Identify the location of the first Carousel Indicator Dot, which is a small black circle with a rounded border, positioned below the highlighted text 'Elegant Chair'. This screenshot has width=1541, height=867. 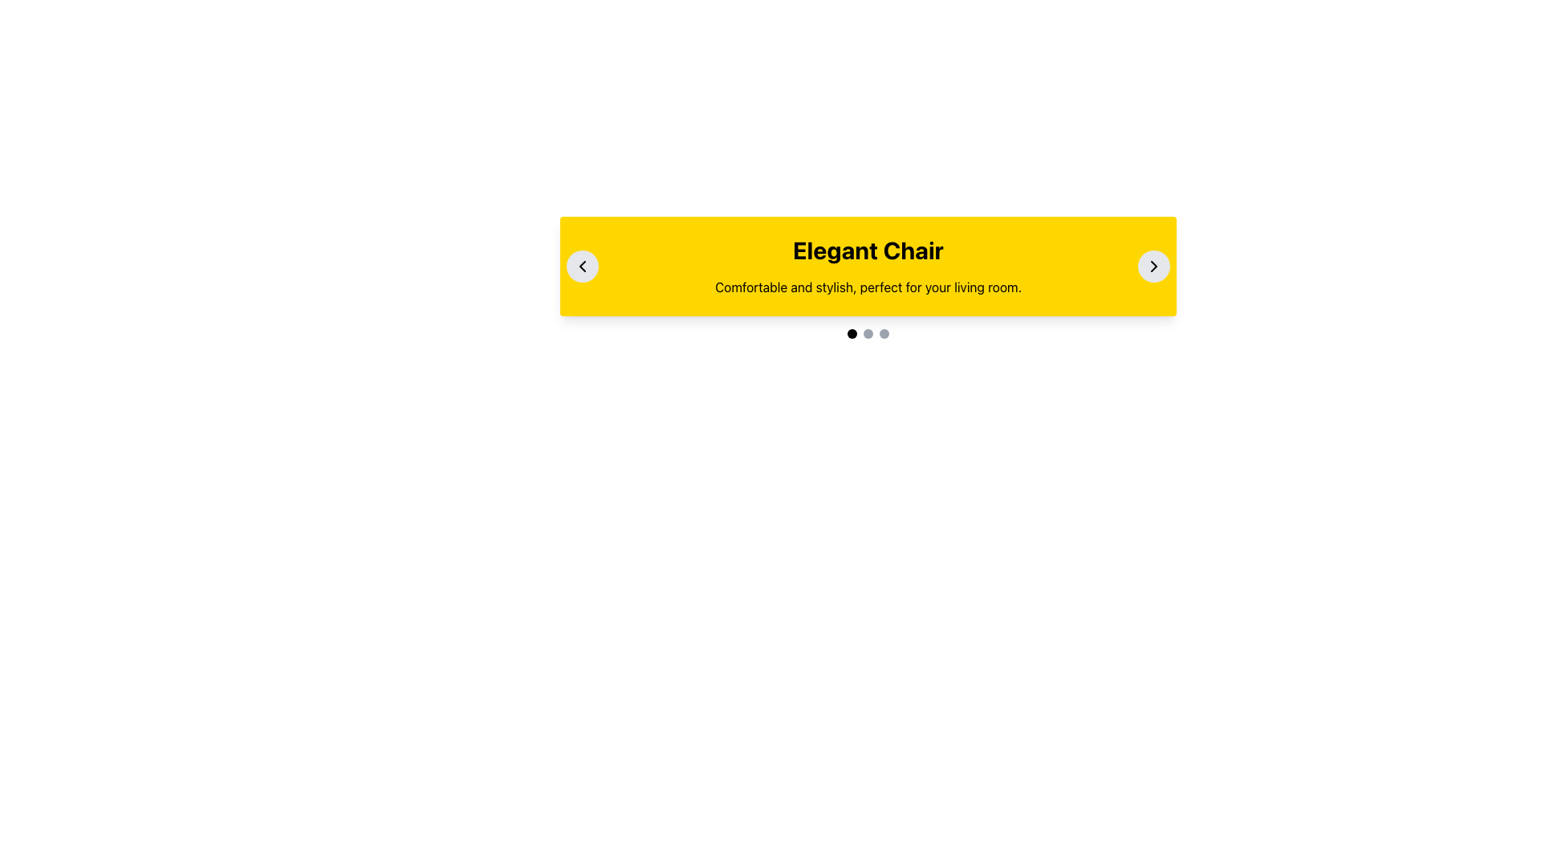
(851, 333).